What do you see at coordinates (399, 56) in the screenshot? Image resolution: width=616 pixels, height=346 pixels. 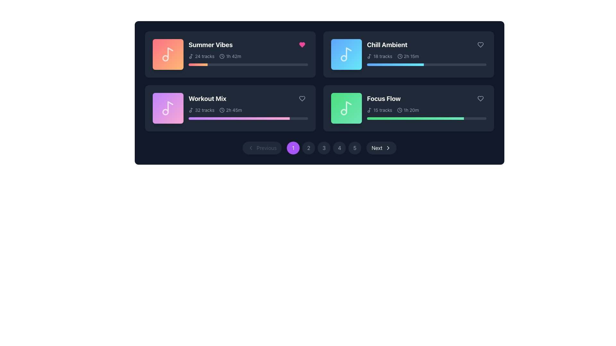 I see `the clock icon located within the 'Chill Ambient' card, which visually represents the duration time next to '2h 15m'` at bounding box center [399, 56].